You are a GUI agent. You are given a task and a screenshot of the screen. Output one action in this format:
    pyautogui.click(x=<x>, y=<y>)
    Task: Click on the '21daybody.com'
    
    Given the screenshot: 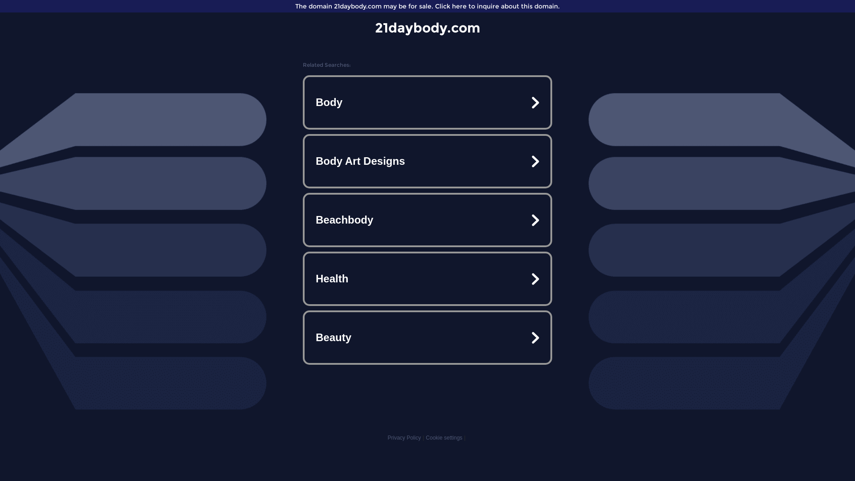 What is the action you would take?
    pyautogui.click(x=375, y=27)
    